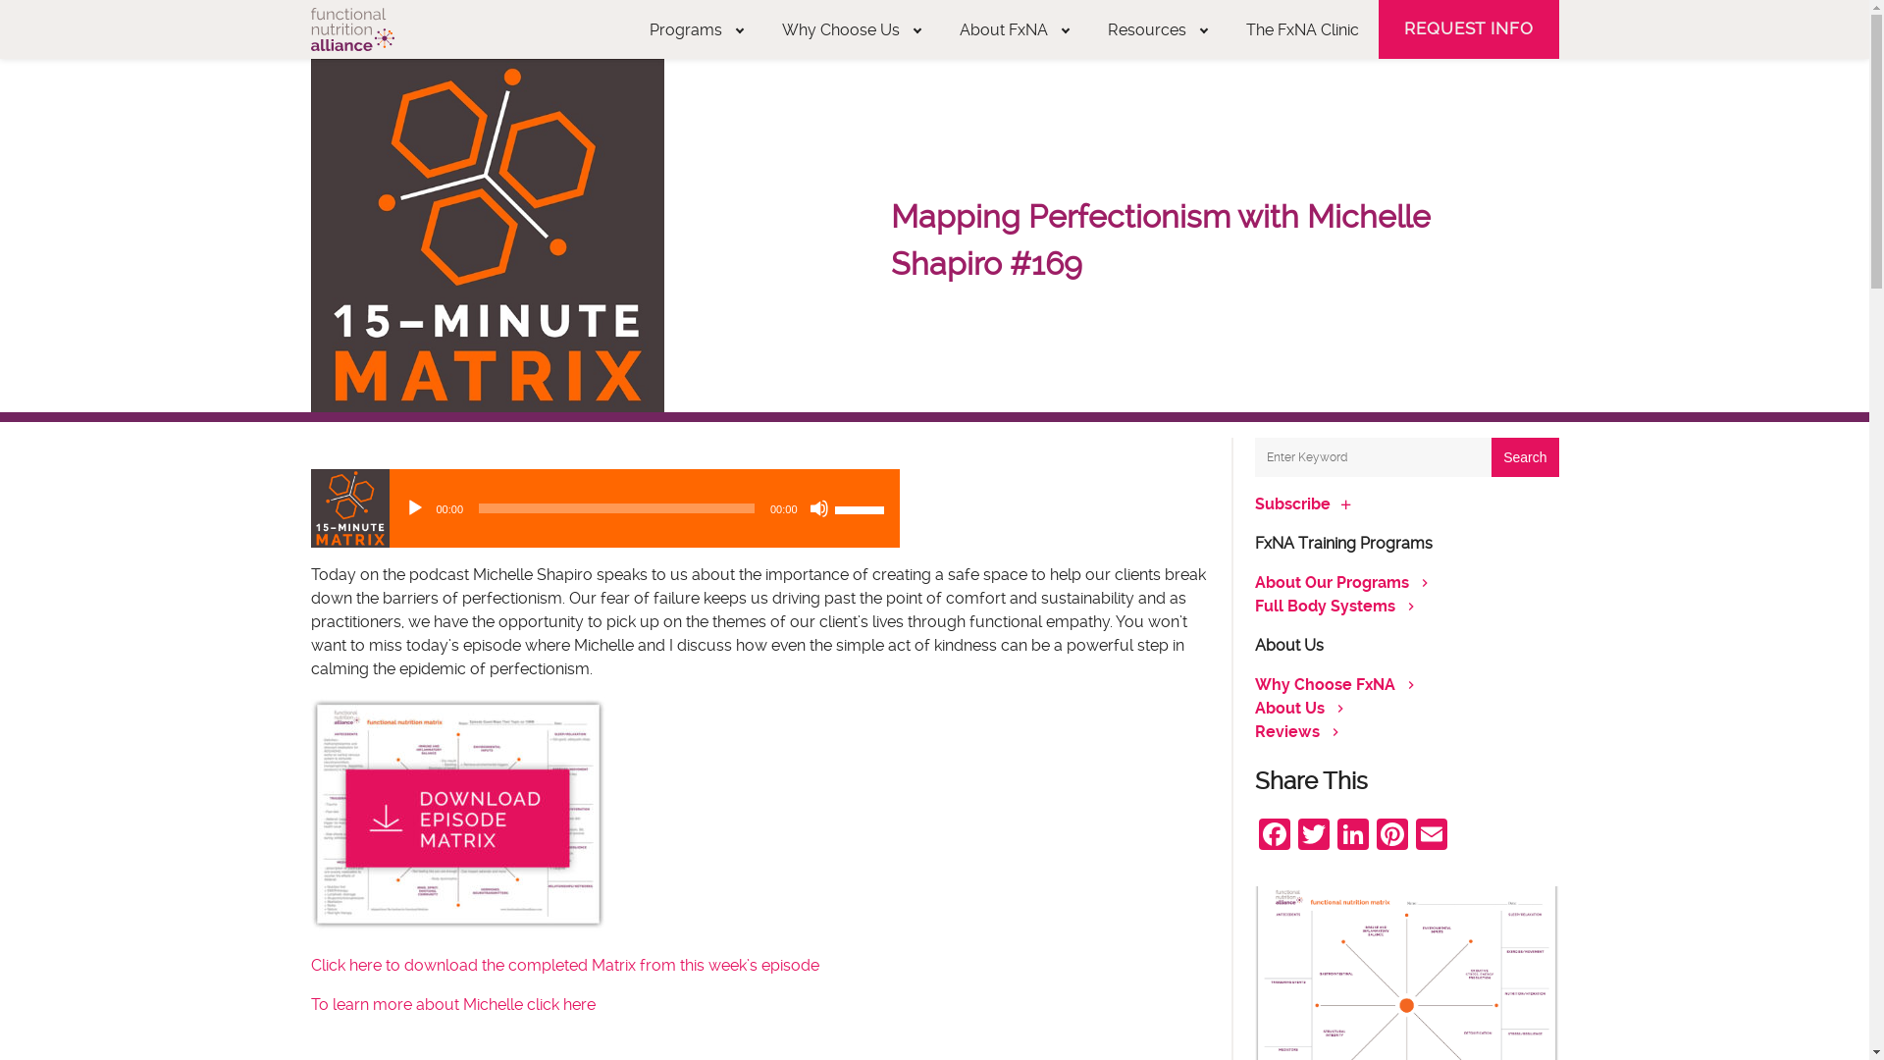  Describe the element at coordinates (1285, 731) in the screenshot. I see `'Reviews'` at that location.